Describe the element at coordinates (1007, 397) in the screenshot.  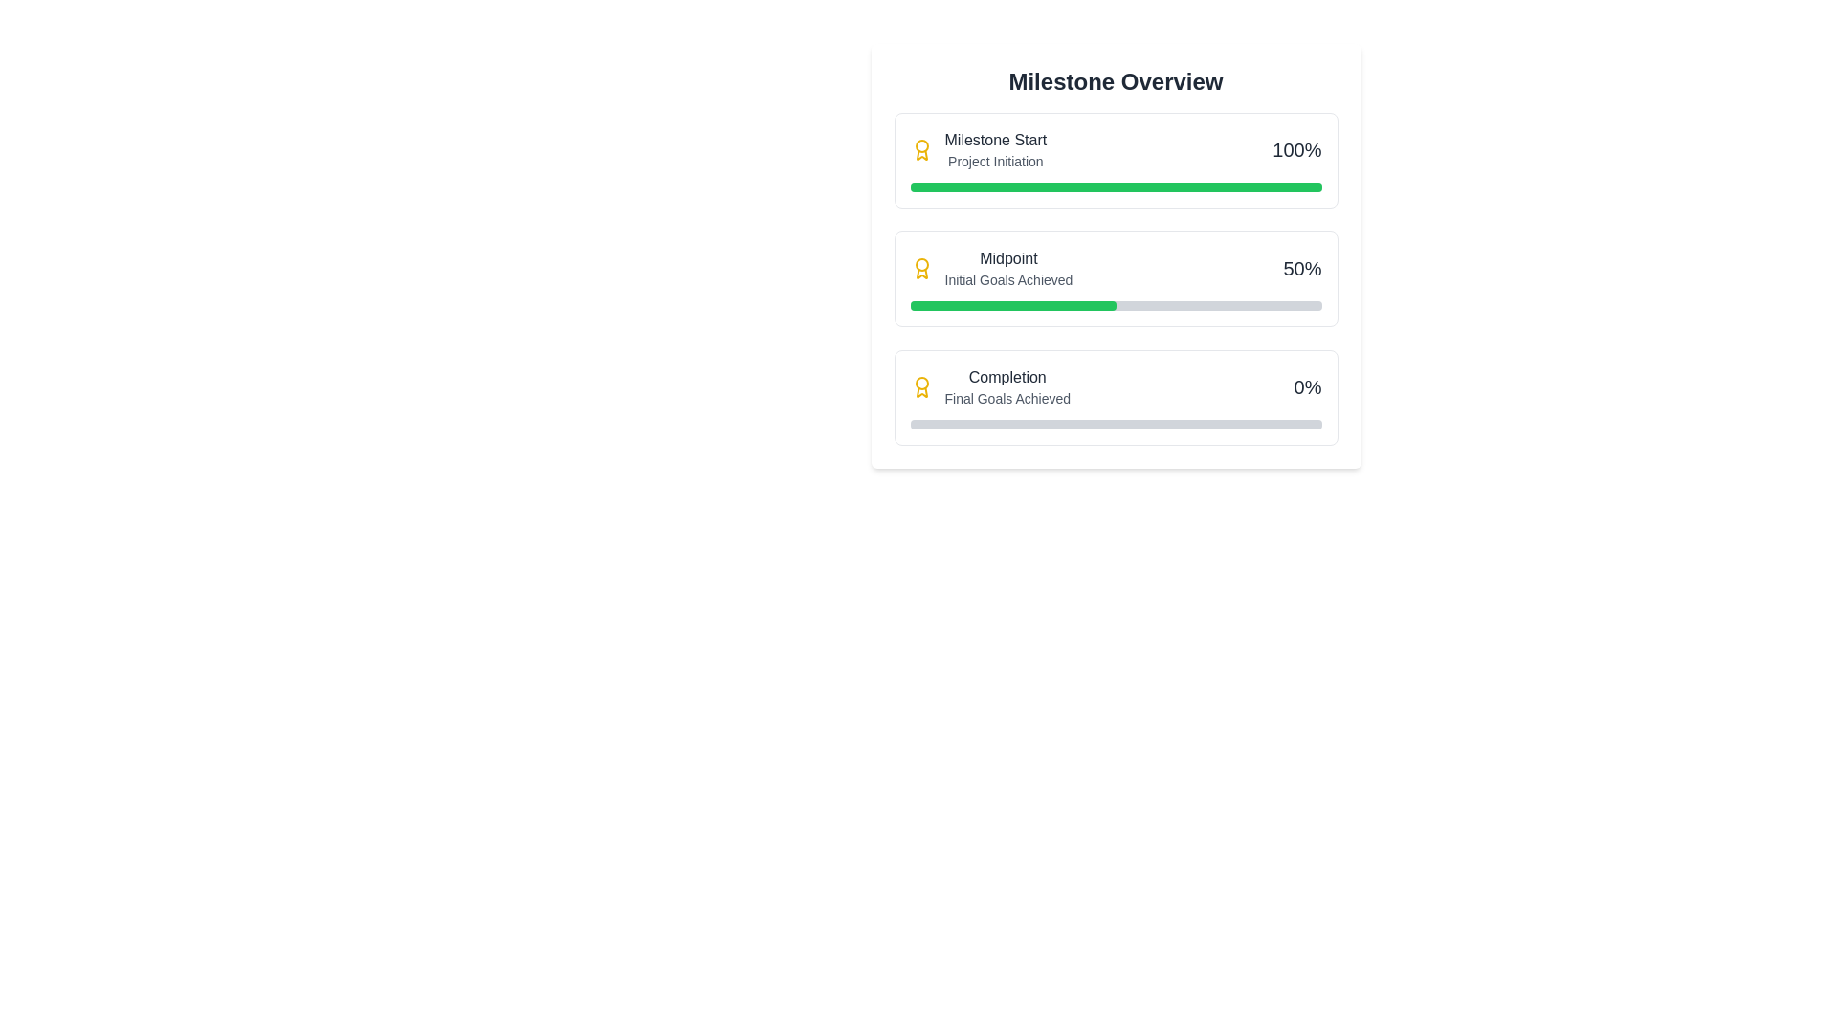
I see `the static text displaying 'Final Goals Achieved' located under the 'Completion' header in the milestone tracker layout` at that location.